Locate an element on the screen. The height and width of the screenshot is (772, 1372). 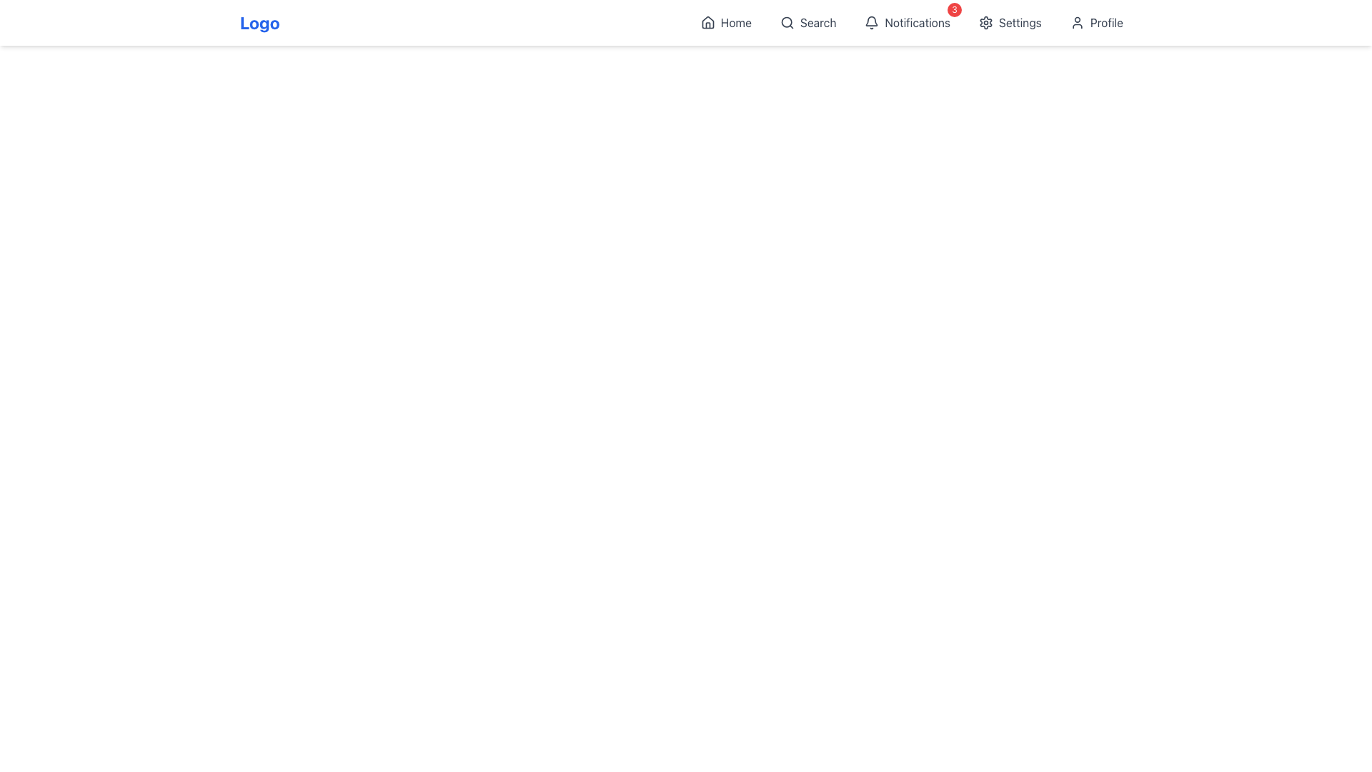
the house icon located in the navigation bar next to the 'Home' text is located at coordinates (707, 22).